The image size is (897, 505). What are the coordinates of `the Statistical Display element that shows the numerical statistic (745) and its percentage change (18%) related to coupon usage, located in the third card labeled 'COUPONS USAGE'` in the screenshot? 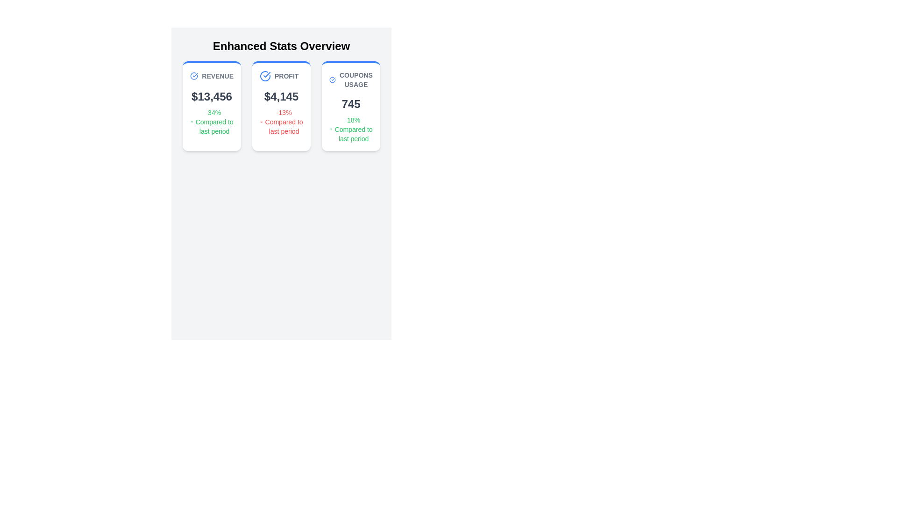 It's located at (350, 120).